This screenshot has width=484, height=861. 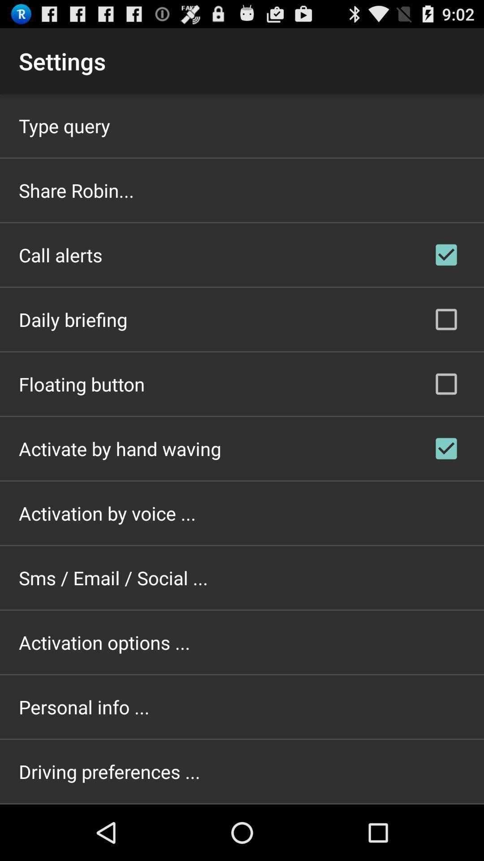 I want to click on driving preferences ... item, so click(x=109, y=771).